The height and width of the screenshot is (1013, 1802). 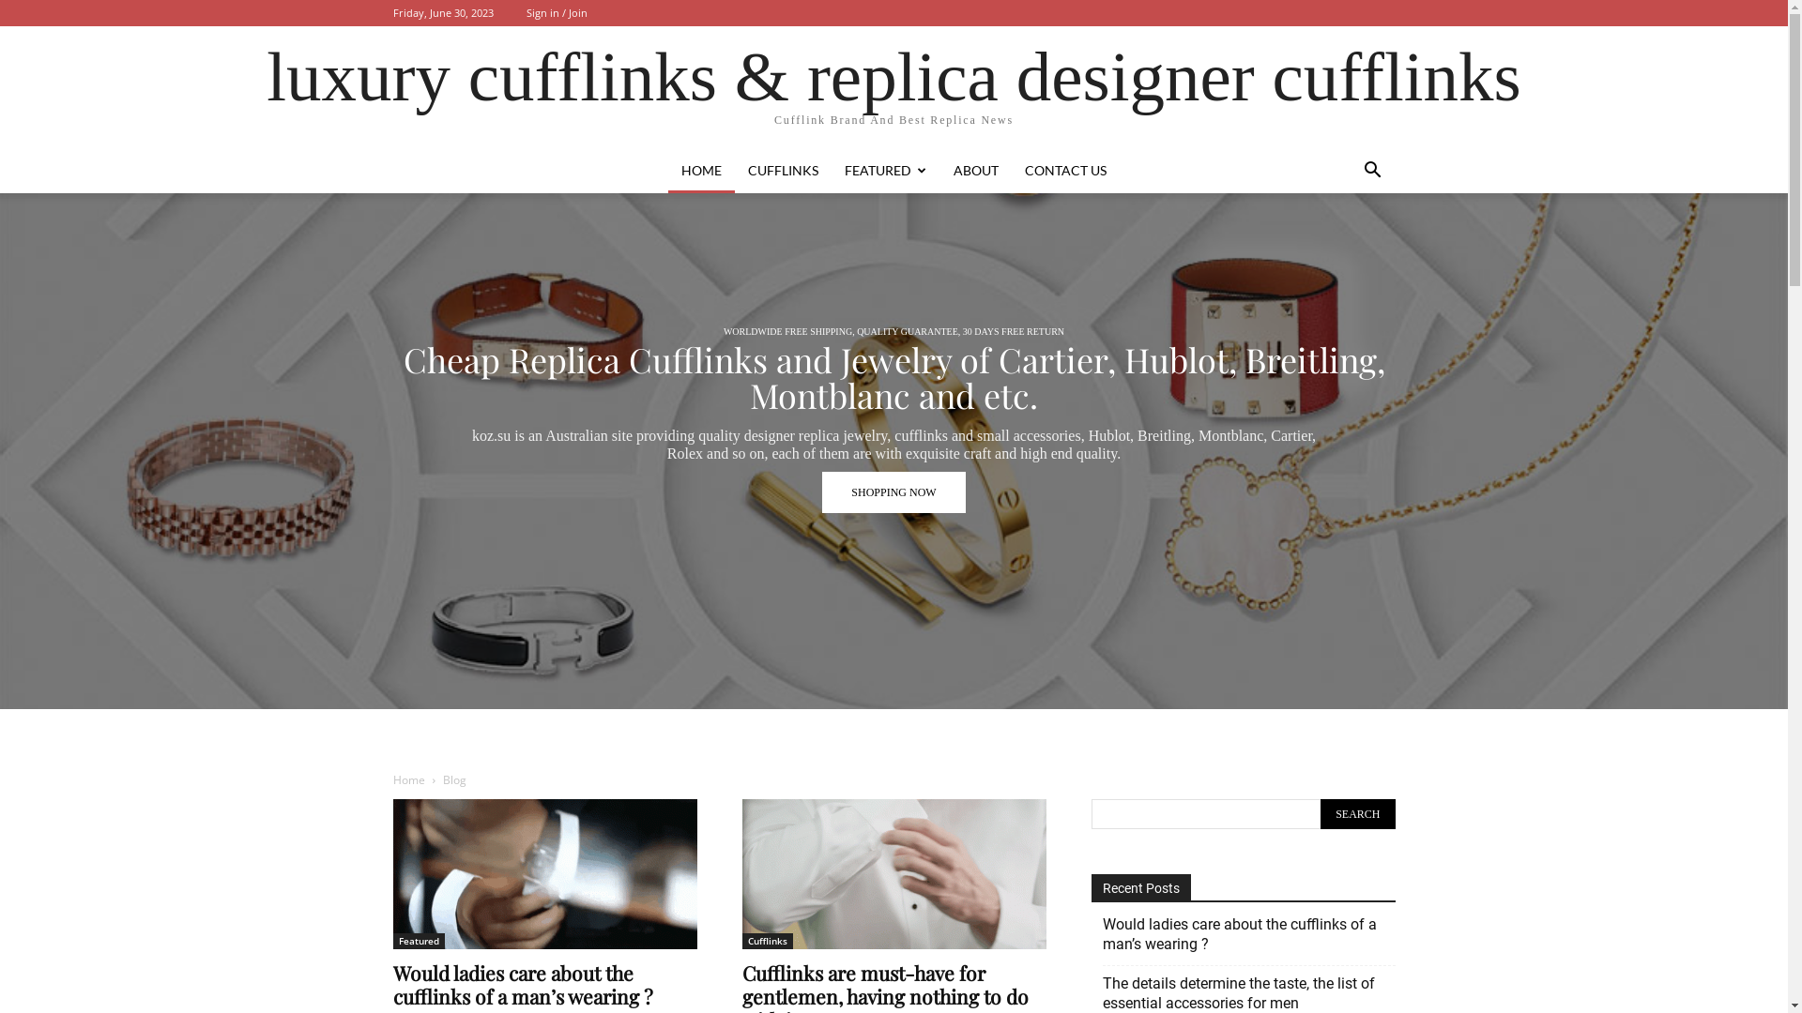 I want to click on 'Sign in / Join', so click(x=555, y=12).